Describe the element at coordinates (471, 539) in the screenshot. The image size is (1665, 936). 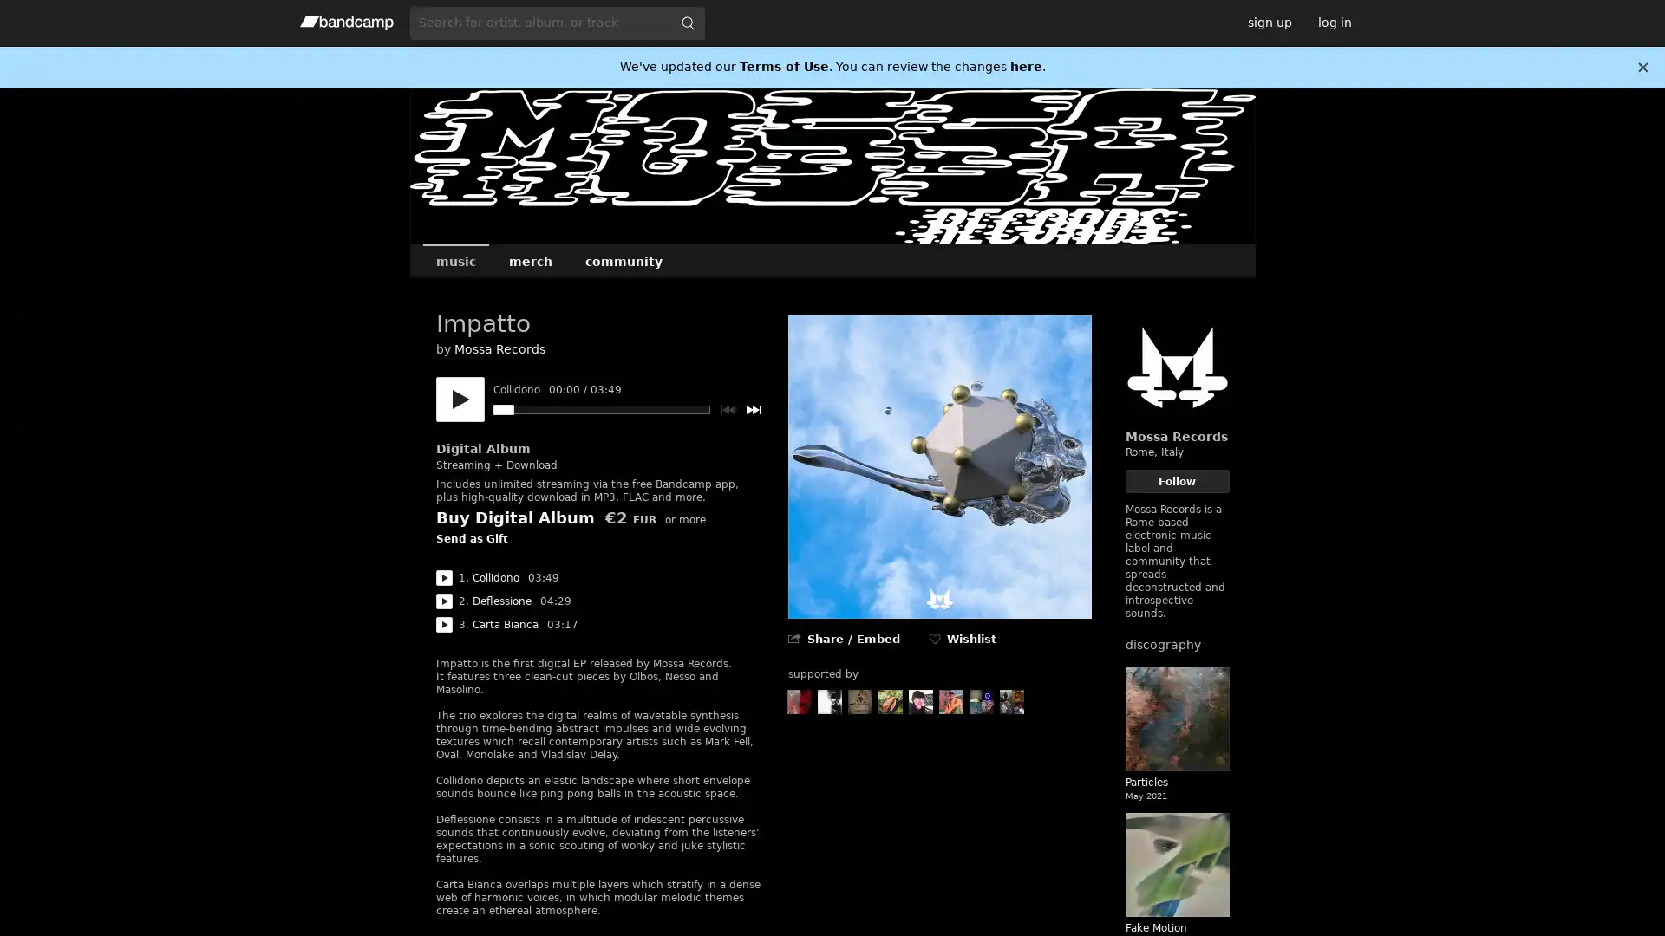
I see `Send as Gift` at that location.